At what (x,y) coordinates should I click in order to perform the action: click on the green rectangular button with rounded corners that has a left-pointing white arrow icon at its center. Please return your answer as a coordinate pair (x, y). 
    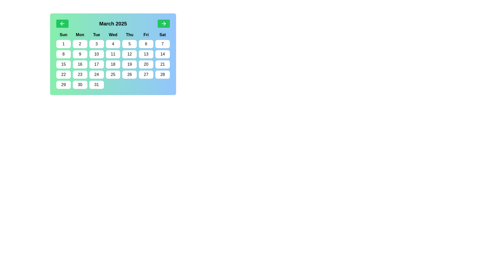
    Looking at the image, I should click on (62, 23).